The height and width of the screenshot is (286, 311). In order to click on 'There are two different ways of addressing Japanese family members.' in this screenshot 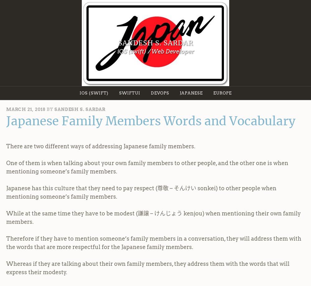, I will do `click(100, 146)`.